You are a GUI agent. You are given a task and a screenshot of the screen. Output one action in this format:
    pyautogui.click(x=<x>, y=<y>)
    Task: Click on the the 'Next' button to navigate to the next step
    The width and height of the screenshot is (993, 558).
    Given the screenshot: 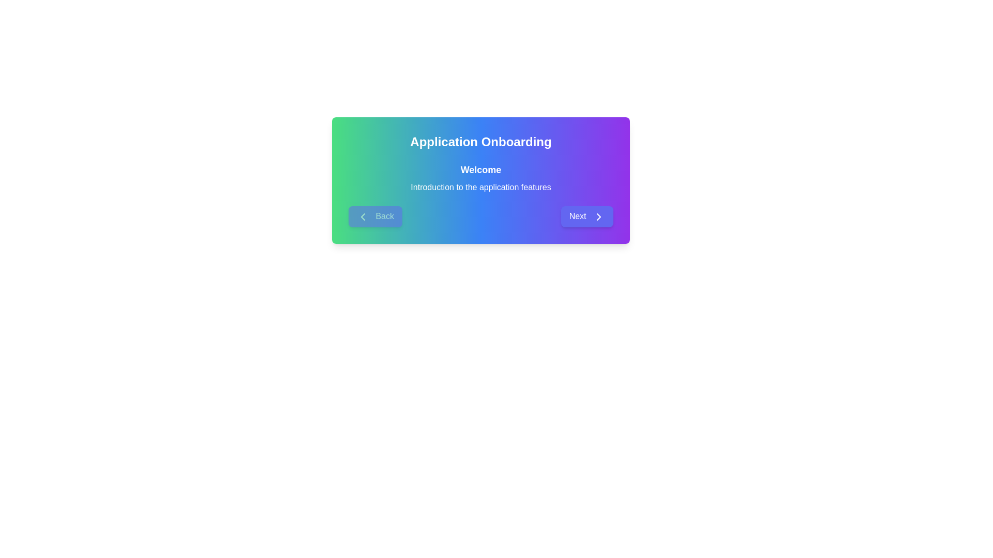 What is the action you would take?
    pyautogui.click(x=586, y=216)
    